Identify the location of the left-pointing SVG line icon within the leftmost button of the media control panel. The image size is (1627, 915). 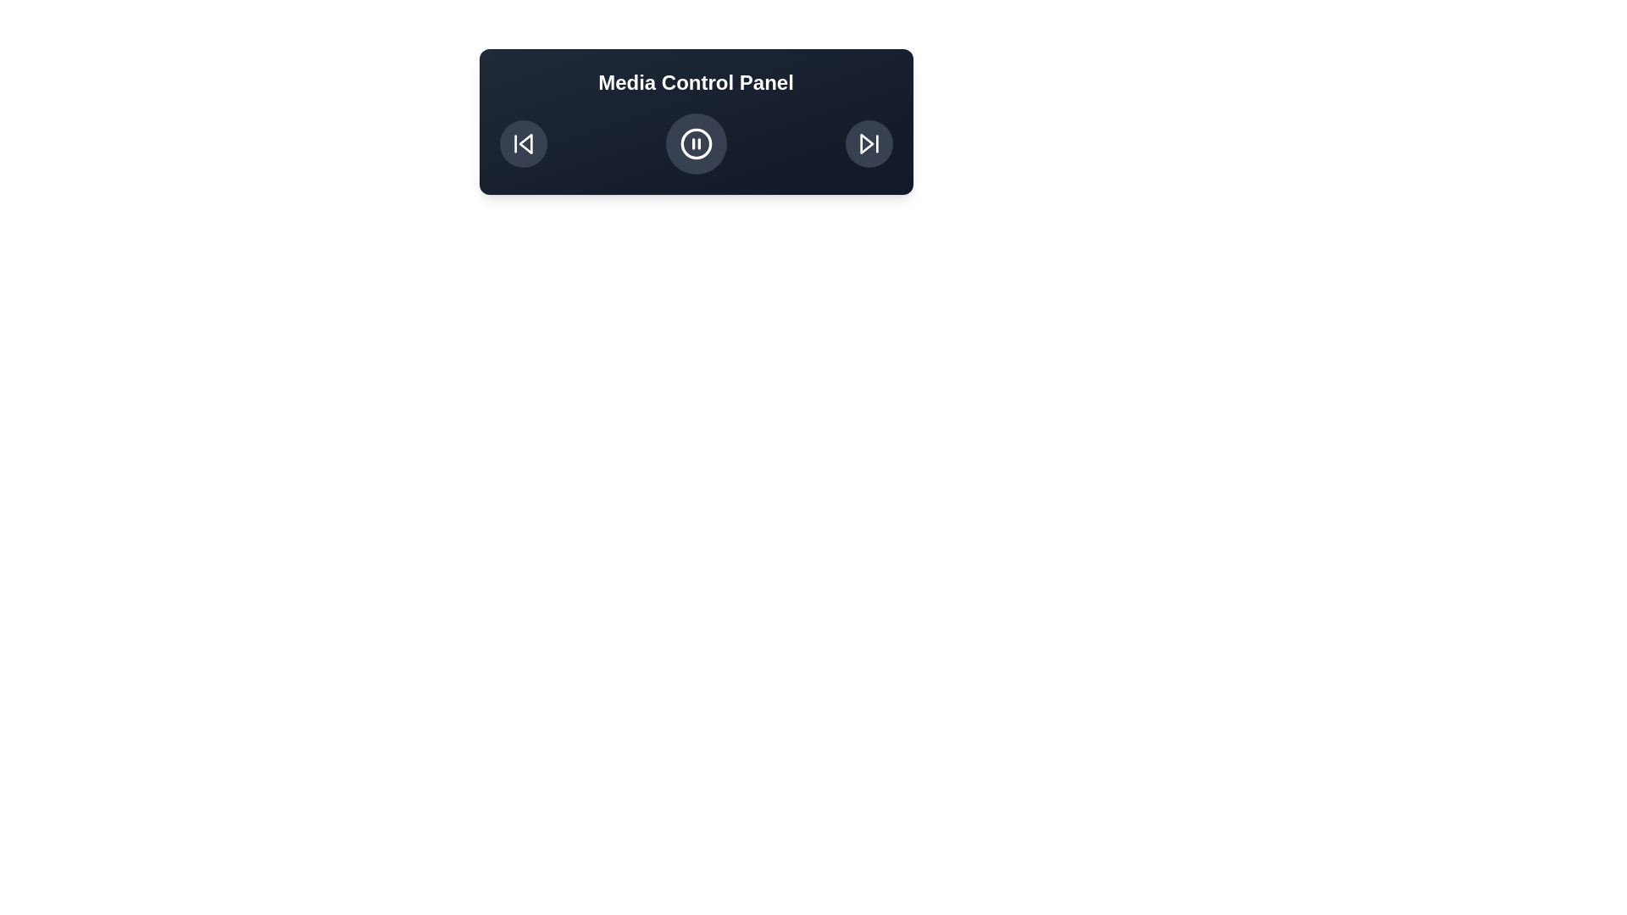
(525, 142).